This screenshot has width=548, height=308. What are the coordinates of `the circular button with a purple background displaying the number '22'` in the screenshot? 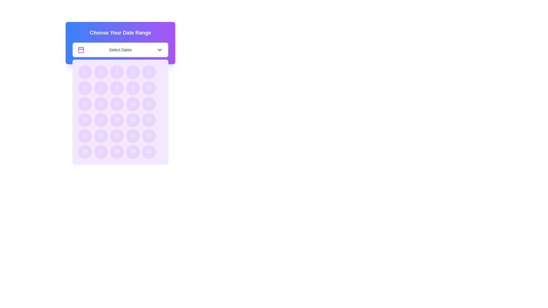 It's located at (101, 136).